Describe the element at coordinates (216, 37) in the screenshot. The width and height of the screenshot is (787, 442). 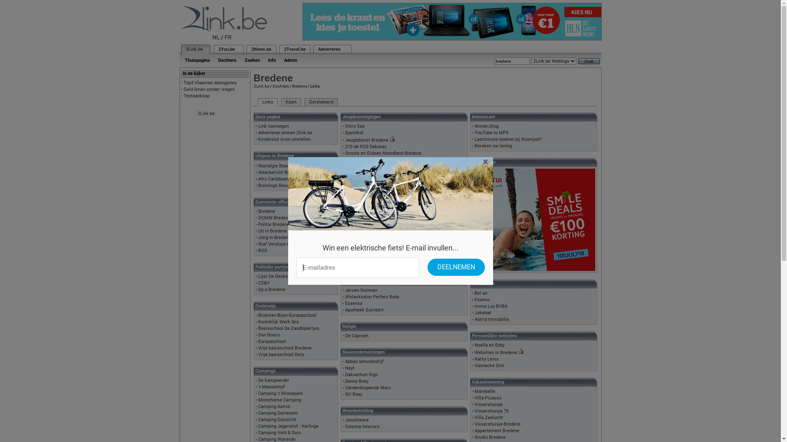
I see `'NL'` at that location.